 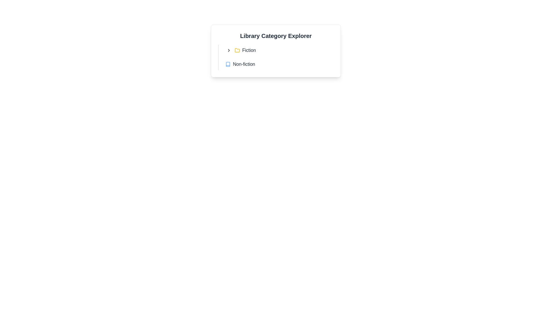 What do you see at coordinates (278, 50) in the screenshot?
I see `the selectable category item labeled 'Fiction' in the library navigator` at bounding box center [278, 50].